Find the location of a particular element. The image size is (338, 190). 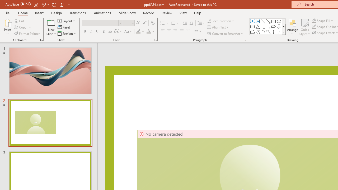

'Convert to SmartArt' is located at coordinates (225, 34).